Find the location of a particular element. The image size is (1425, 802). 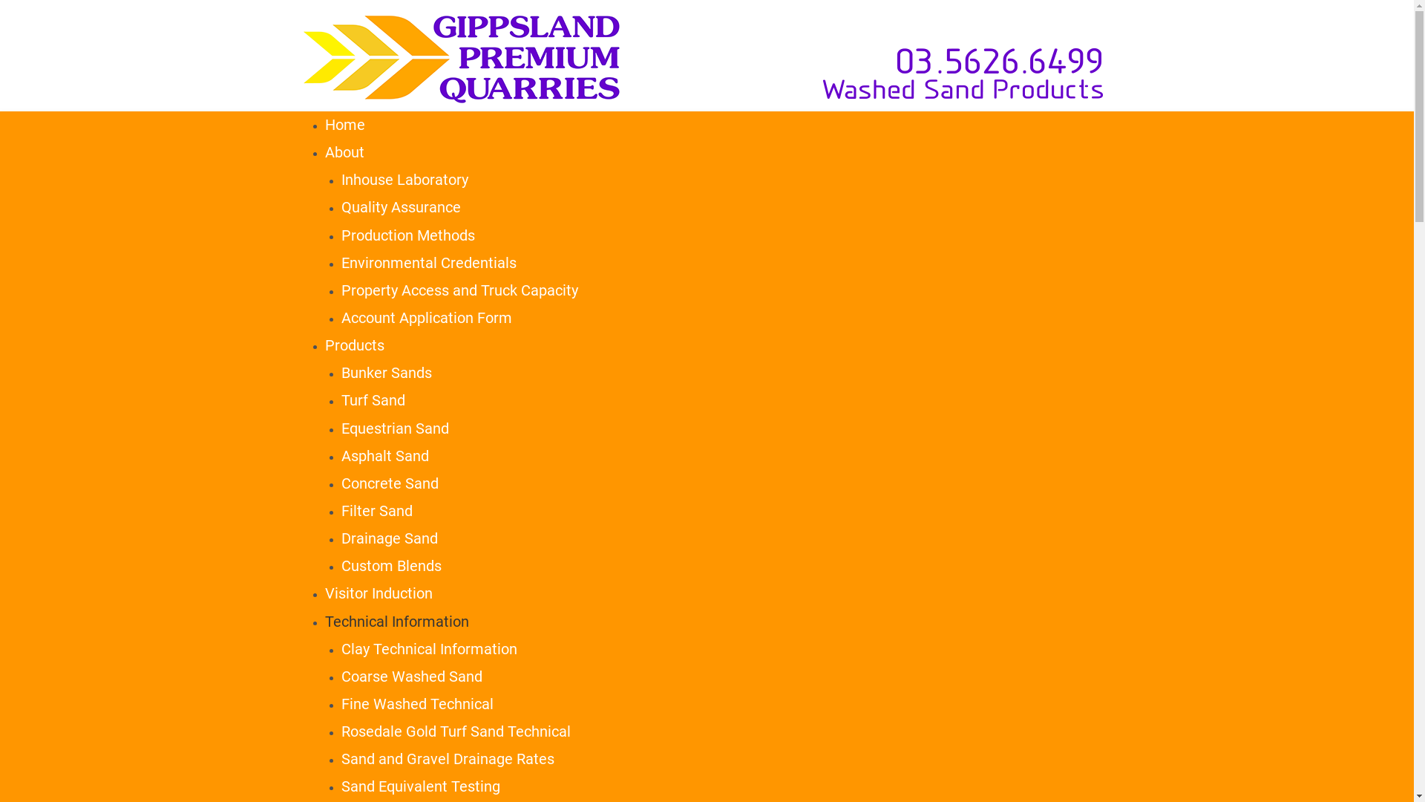

'Equestrian Sand' is located at coordinates (395, 428).